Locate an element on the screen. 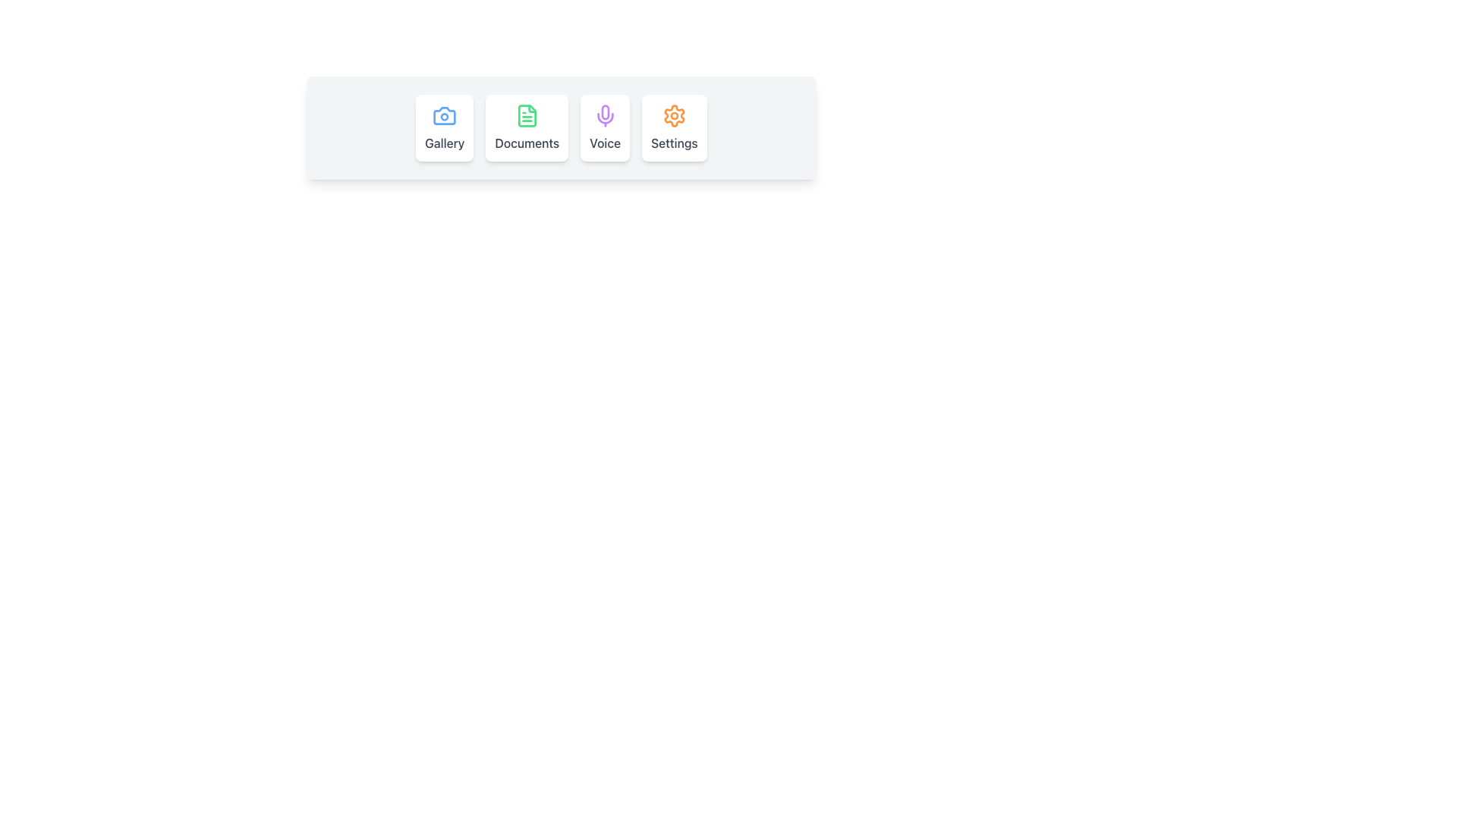  text label 'Gallery' which is displayed in medium weight gray font at the bottom of the first interactive card in a row of similar cards is located at coordinates (444, 143).